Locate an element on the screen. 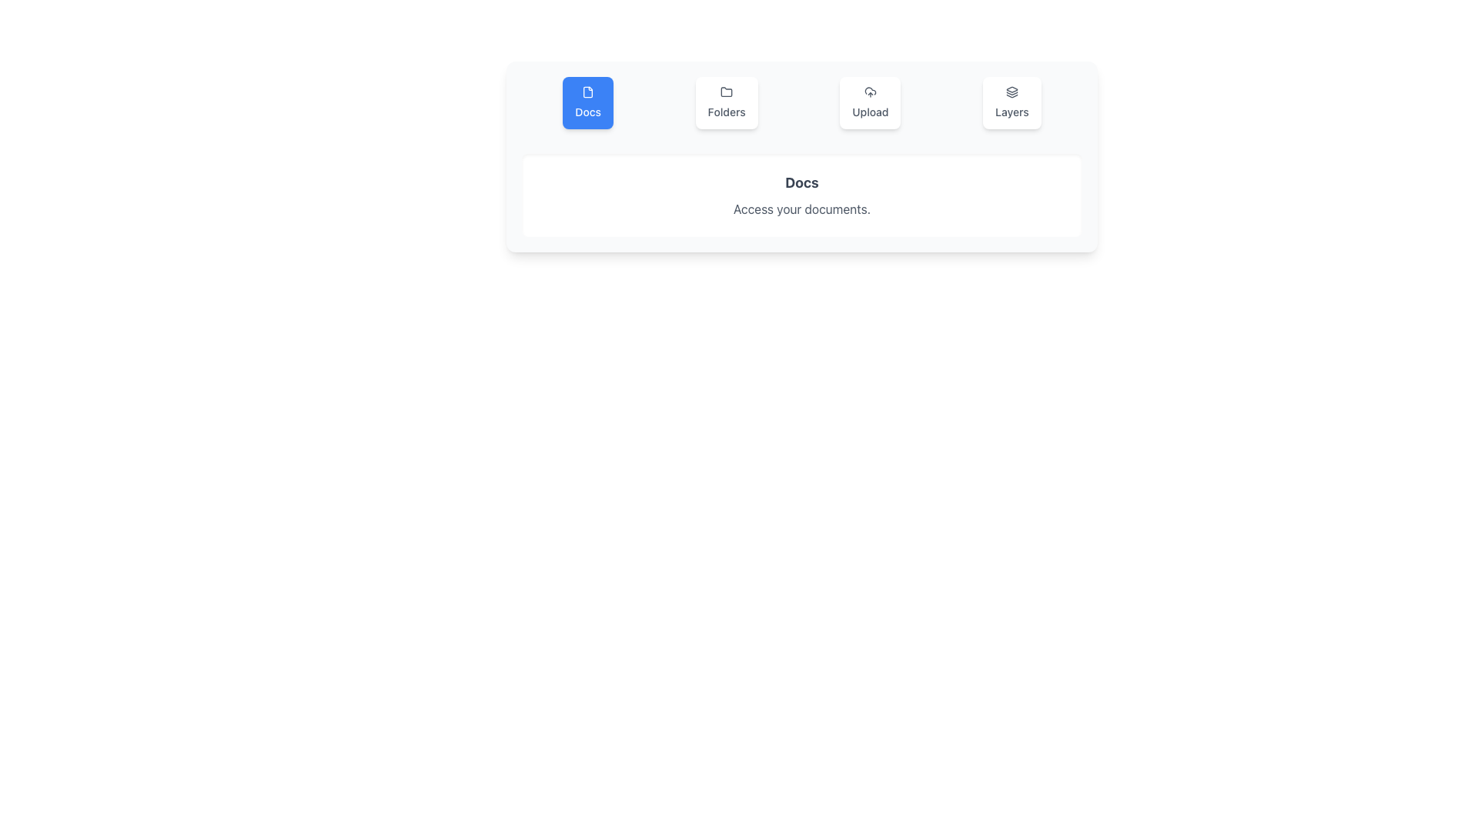 The height and width of the screenshot is (831, 1478). the text label displaying 'Layers' in gray color, positioned within a card on the far right of the row is located at coordinates (1012, 112).